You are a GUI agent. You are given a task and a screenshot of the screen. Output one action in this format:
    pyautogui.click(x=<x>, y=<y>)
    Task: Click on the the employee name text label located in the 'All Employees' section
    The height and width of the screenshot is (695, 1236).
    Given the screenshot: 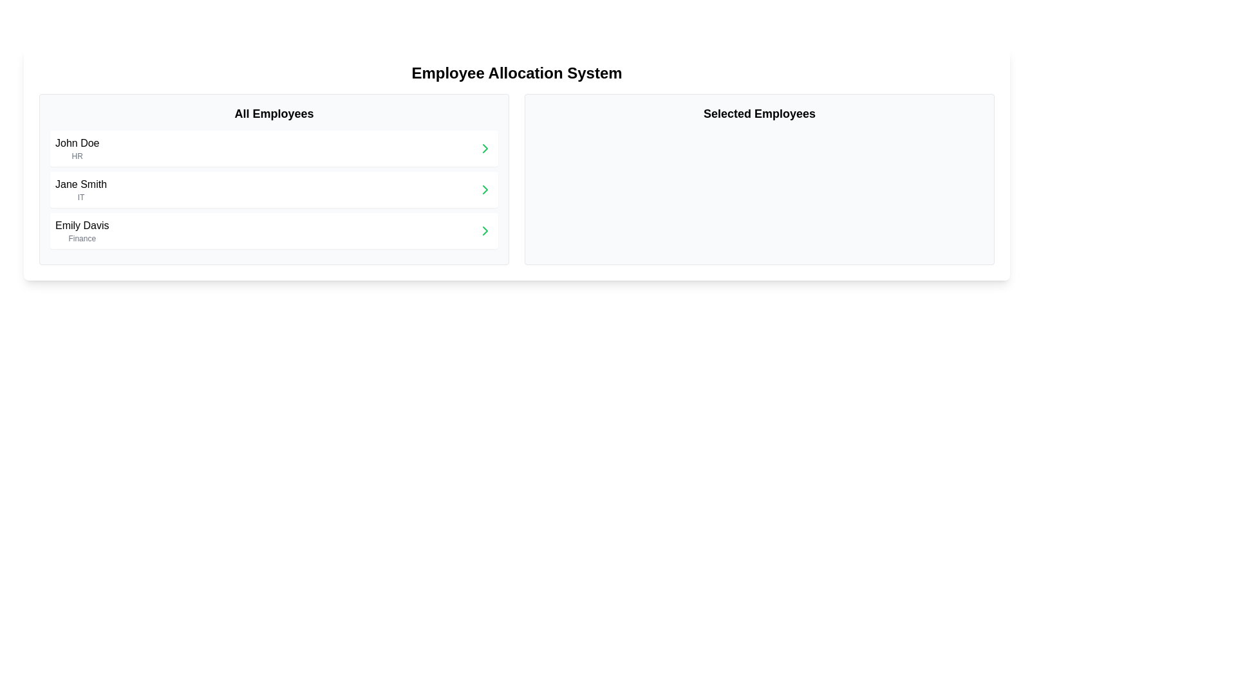 What is the action you would take?
    pyautogui.click(x=77, y=144)
    